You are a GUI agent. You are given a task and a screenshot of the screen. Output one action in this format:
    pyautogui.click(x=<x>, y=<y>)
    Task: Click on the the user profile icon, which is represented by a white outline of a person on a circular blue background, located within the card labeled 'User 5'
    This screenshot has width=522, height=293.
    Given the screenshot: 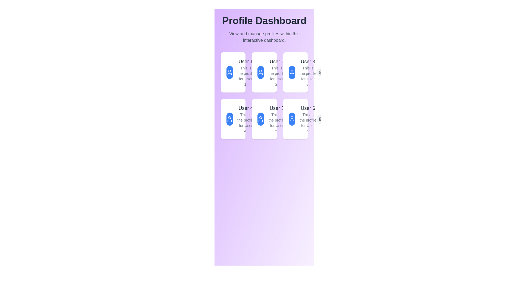 What is the action you would take?
    pyautogui.click(x=264, y=119)
    